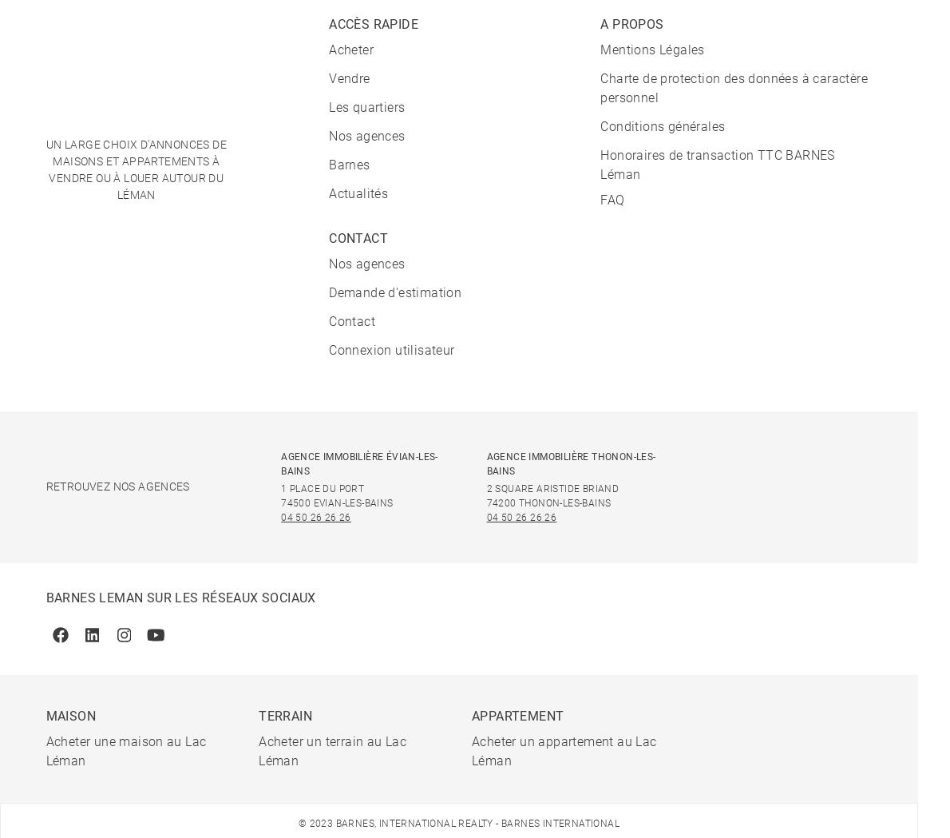 Image resolution: width=950 pixels, height=838 pixels. What do you see at coordinates (358, 462) in the screenshot?
I see `'Agence immobilière Évian-les-Bains'` at bounding box center [358, 462].